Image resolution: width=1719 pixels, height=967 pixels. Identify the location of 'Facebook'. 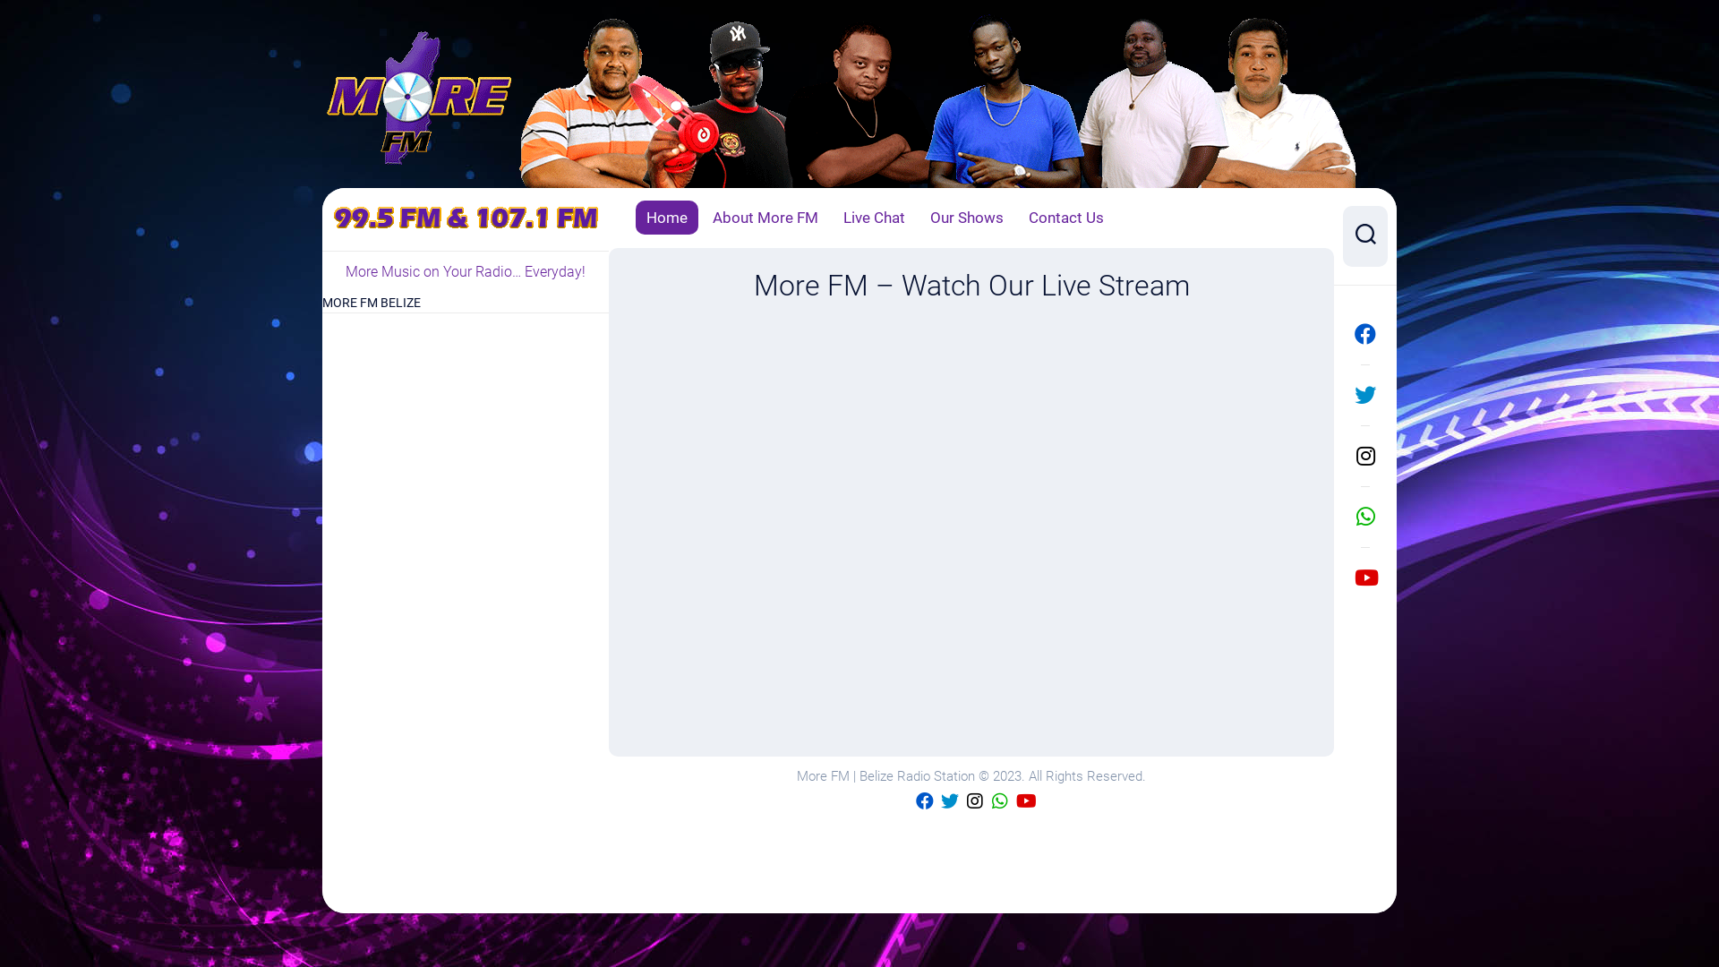
(1342, 334).